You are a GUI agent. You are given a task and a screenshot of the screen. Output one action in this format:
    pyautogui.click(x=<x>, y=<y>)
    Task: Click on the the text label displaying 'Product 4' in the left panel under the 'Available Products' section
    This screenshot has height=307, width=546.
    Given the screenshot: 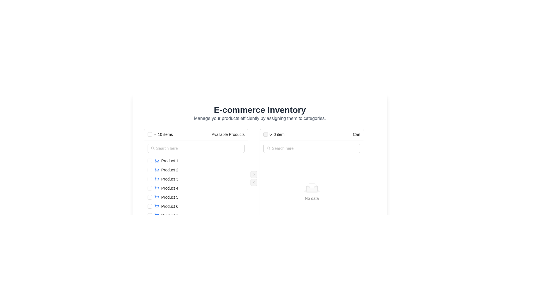 What is the action you would take?
    pyautogui.click(x=169, y=188)
    